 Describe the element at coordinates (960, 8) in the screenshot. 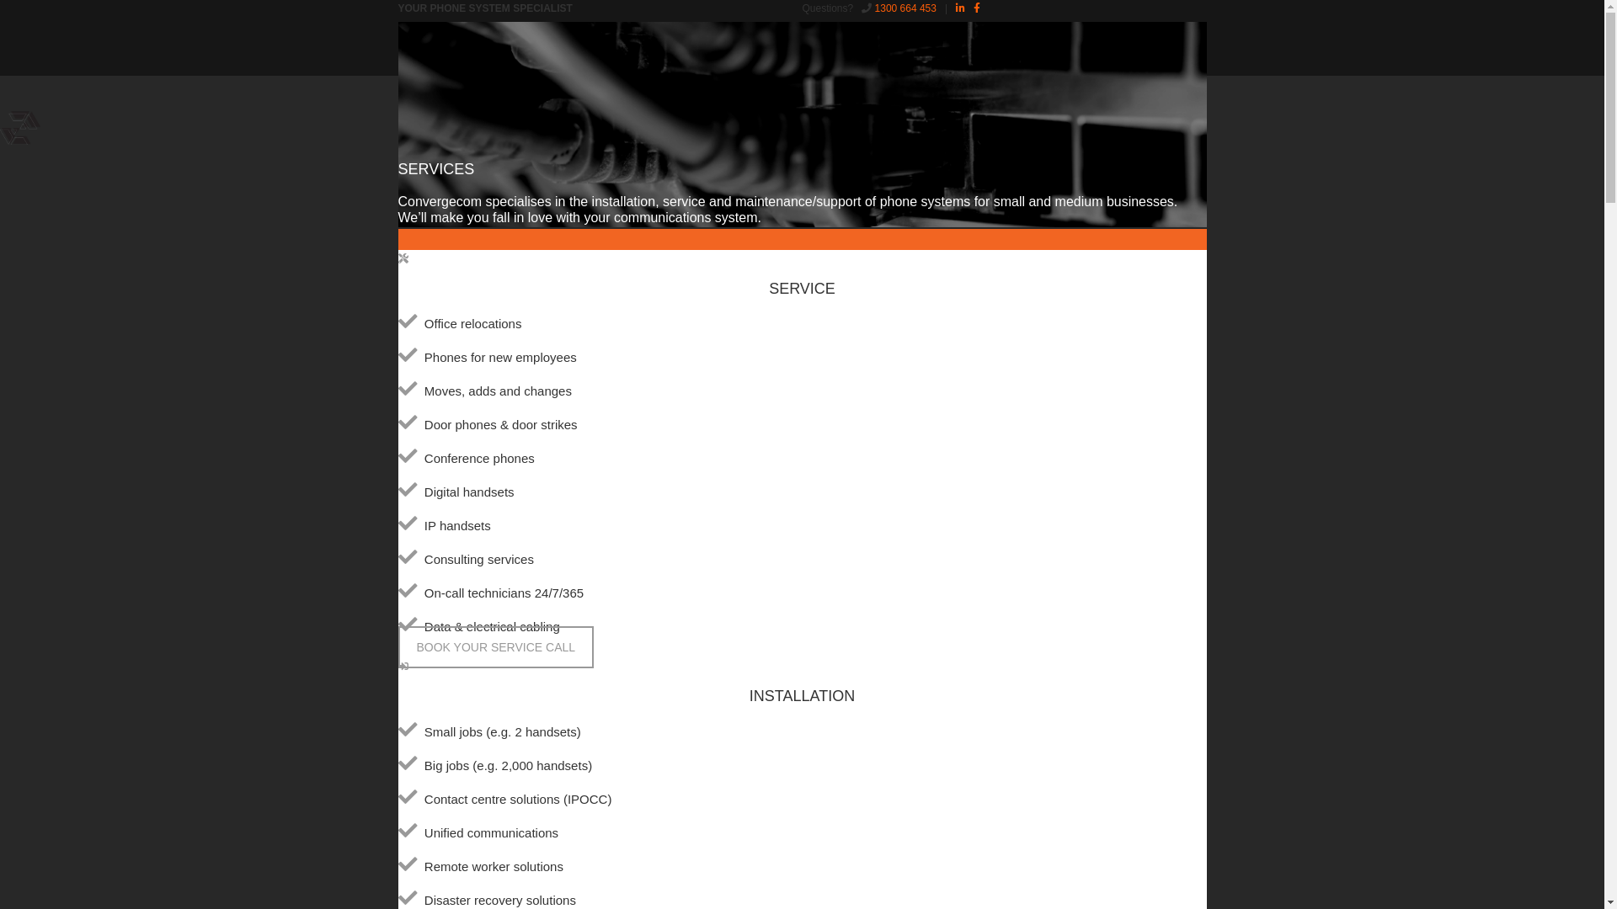

I see `'LinkedIn'` at that location.